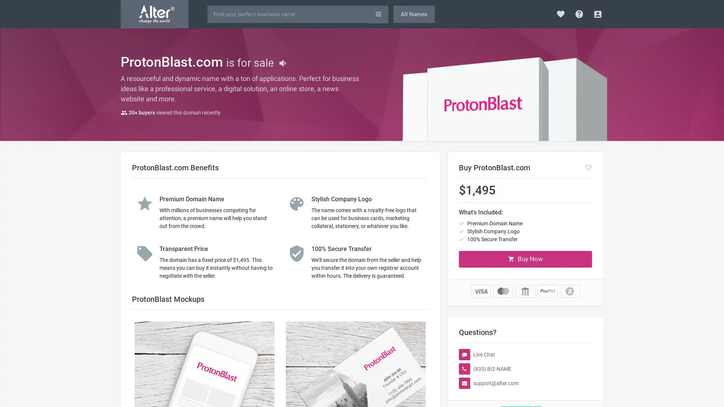  Describe the element at coordinates (525, 259) in the screenshot. I see `Buy Now` at that location.